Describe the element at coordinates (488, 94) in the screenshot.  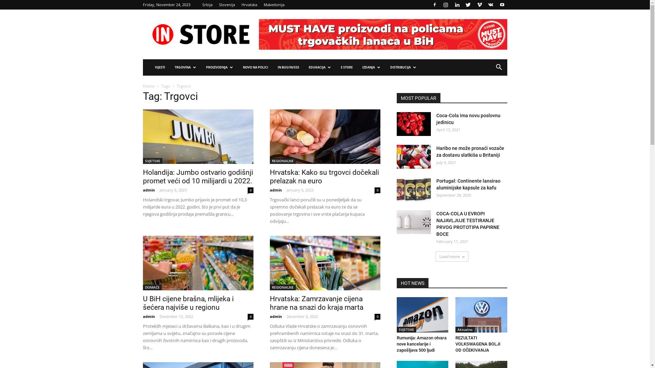
I see `'Search'` at that location.